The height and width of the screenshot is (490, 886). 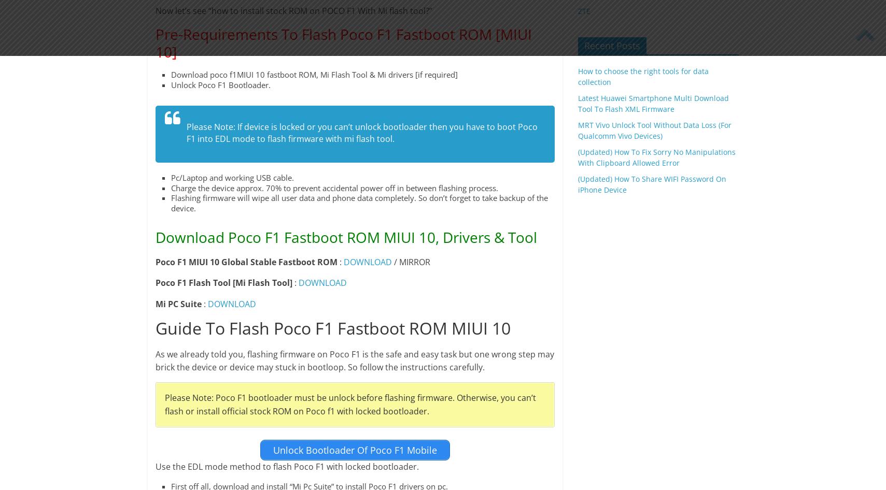 I want to click on 'Please Note: Poco F1 bootloader must be unlock before flashing firmware. Otherwise, you can’t flash or install official stock ROM on Poco f1 with locked bootloader.', so click(x=349, y=403).